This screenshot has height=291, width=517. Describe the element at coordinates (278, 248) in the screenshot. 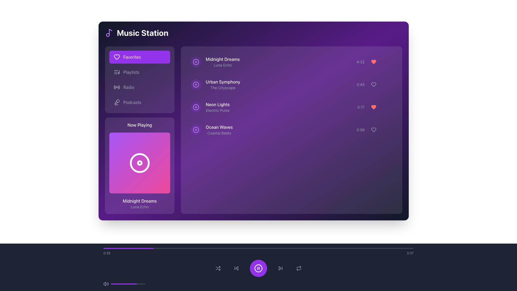

I see `playback position` at that location.